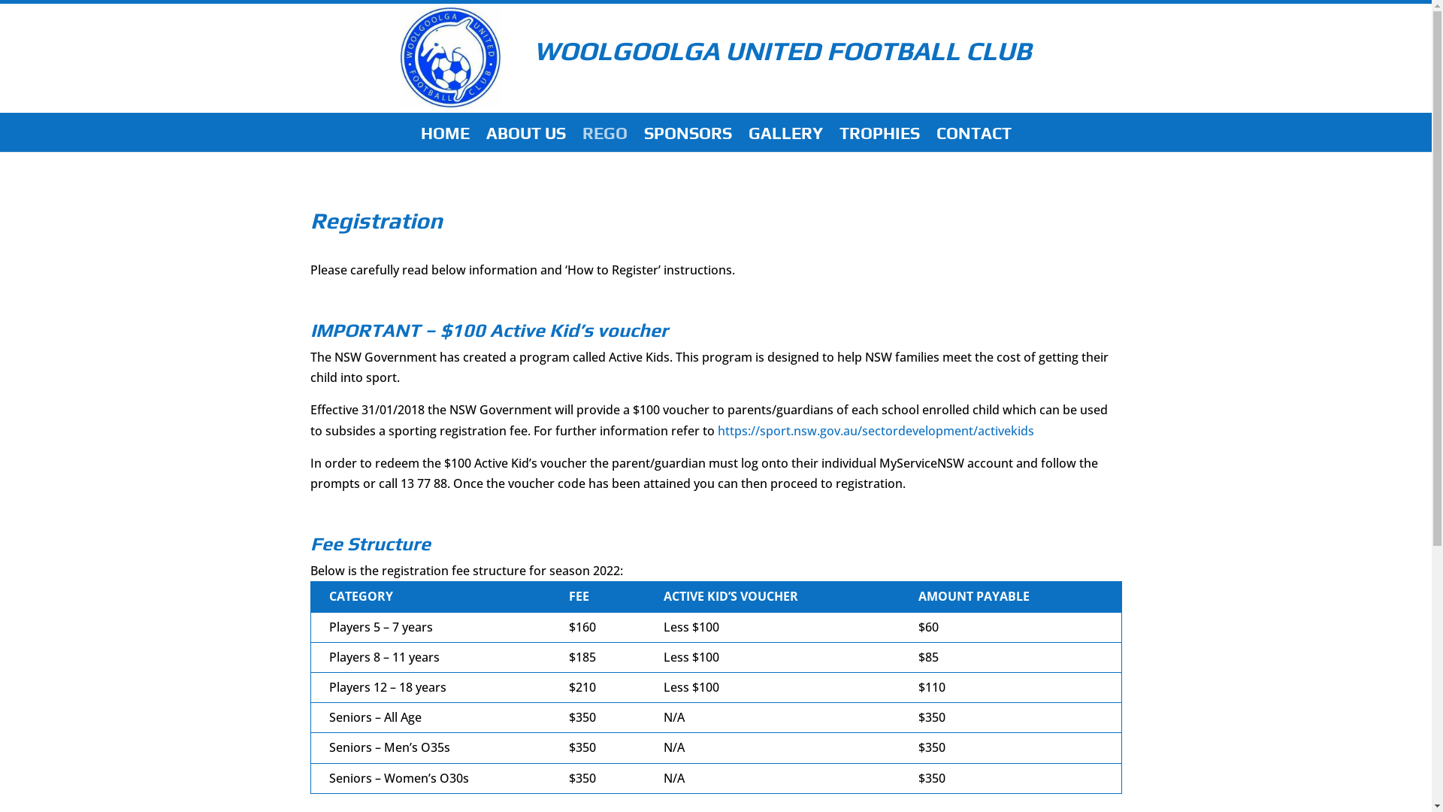  Describe the element at coordinates (838, 139) in the screenshot. I see `'TROPHIES'` at that location.